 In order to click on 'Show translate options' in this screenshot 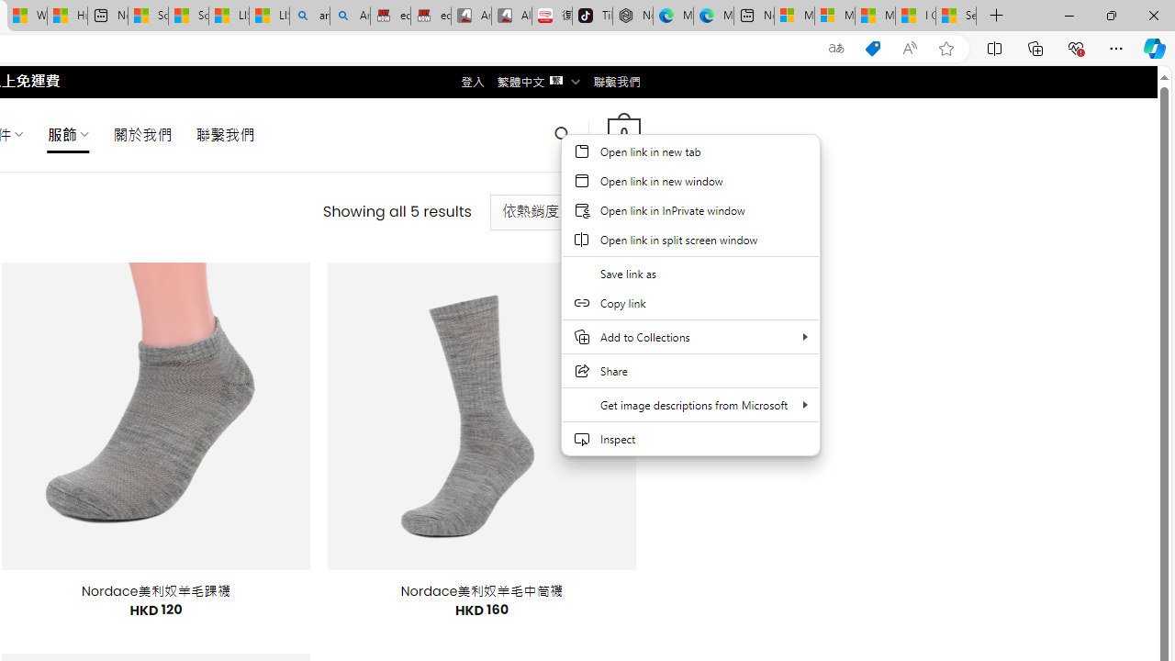, I will do `click(834, 48)`.